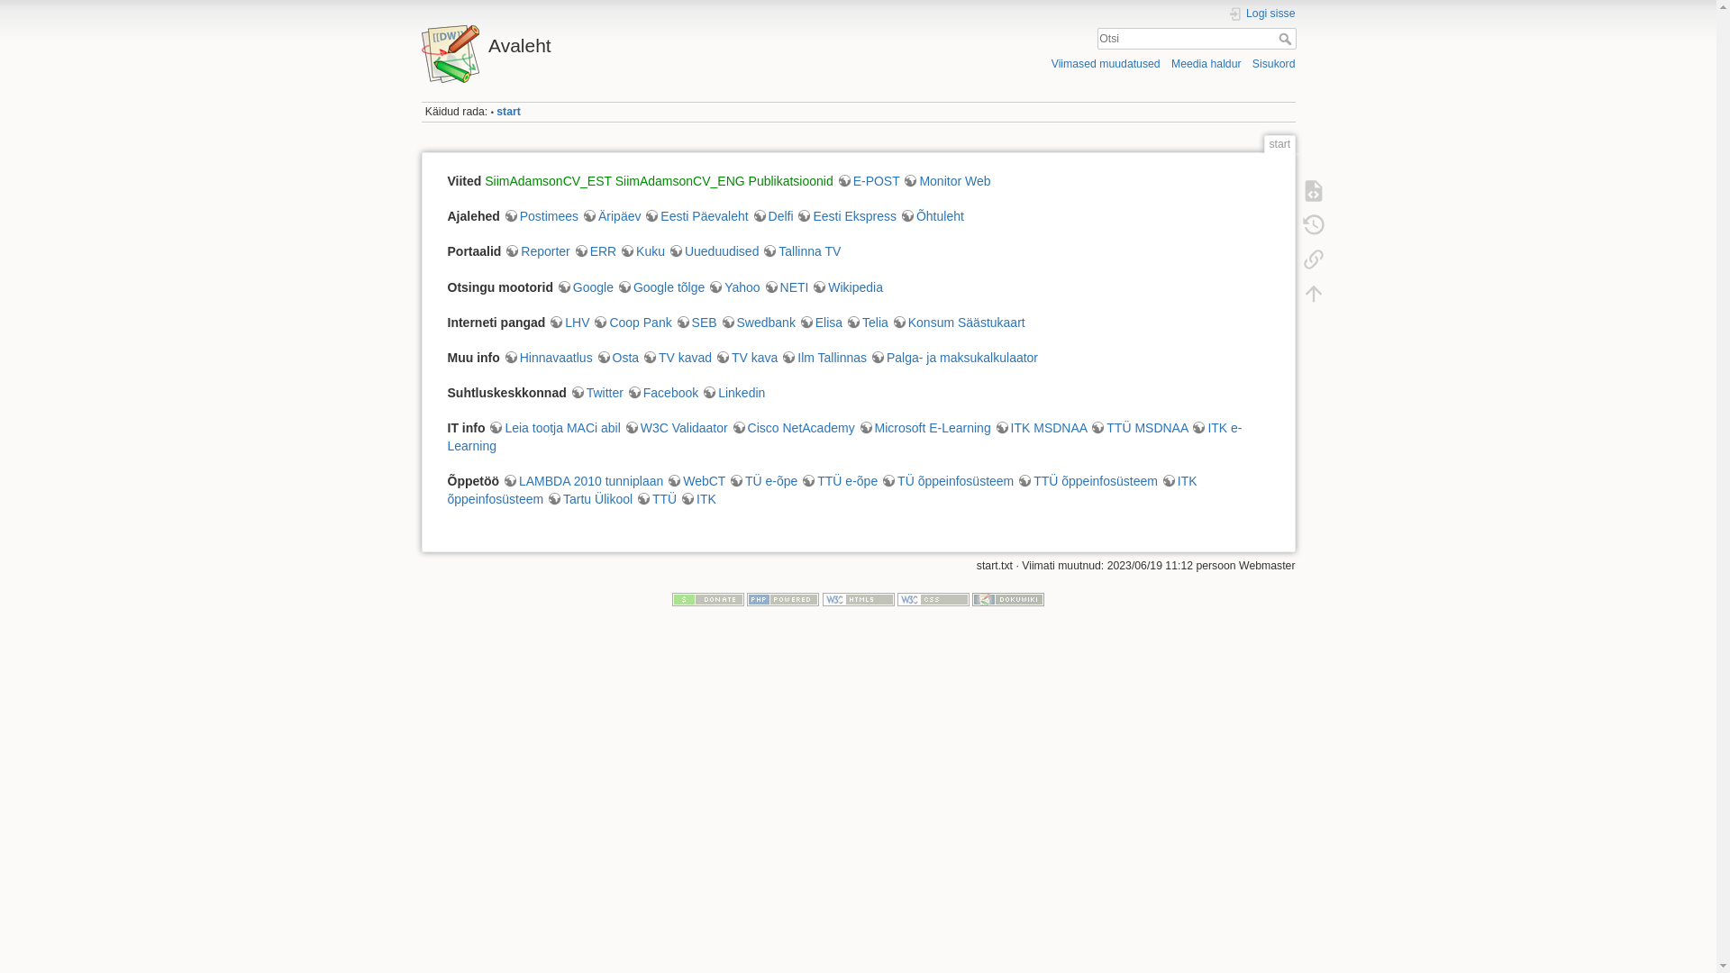 Image resolution: width=1730 pixels, height=973 pixels. I want to click on 'WebCT', so click(695, 479).